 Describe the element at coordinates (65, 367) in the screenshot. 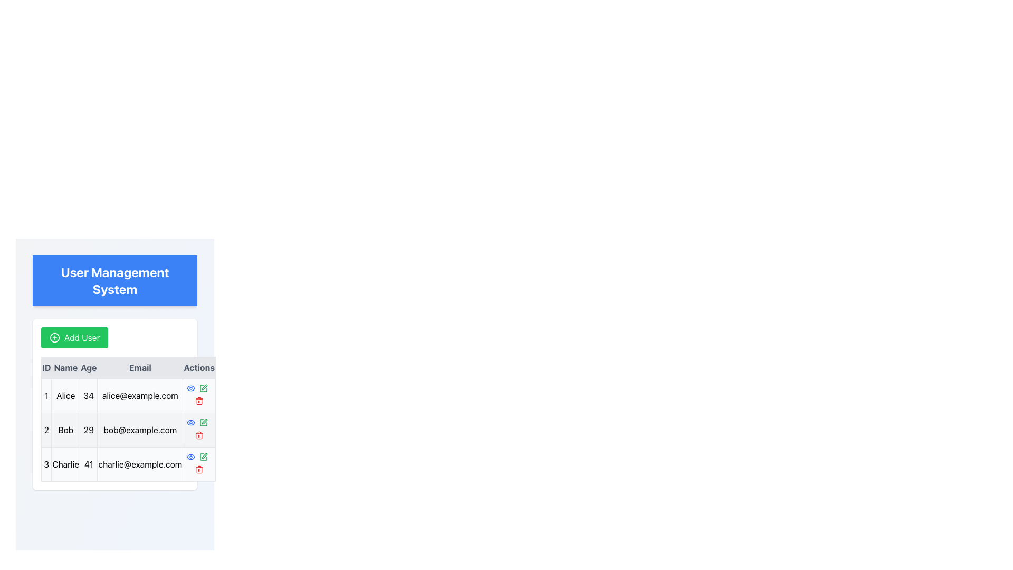

I see `the static text label 'Name' which is the second column header in the table structure, positioned between 'ID' and 'Age'` at that location.